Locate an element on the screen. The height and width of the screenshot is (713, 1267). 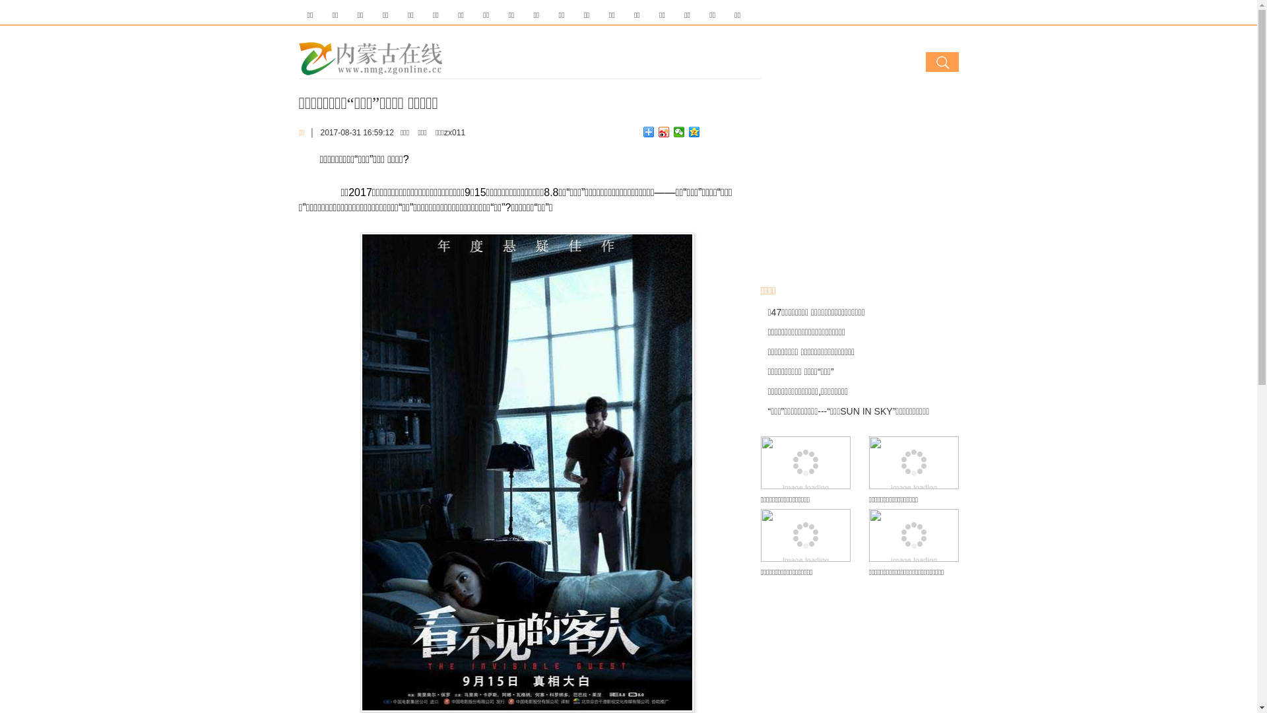
'Advertisement' is located at coordinates (859, 180).